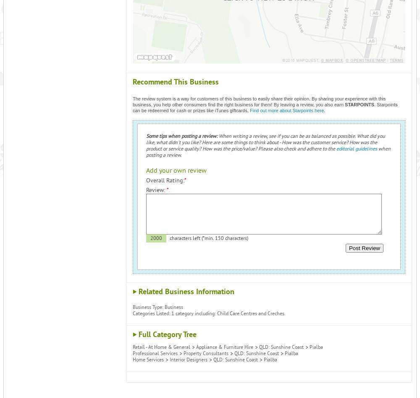  I want to click on 'Categories Listed: 1 category including: Child Care Centres and Creches.', so click(132, 313).